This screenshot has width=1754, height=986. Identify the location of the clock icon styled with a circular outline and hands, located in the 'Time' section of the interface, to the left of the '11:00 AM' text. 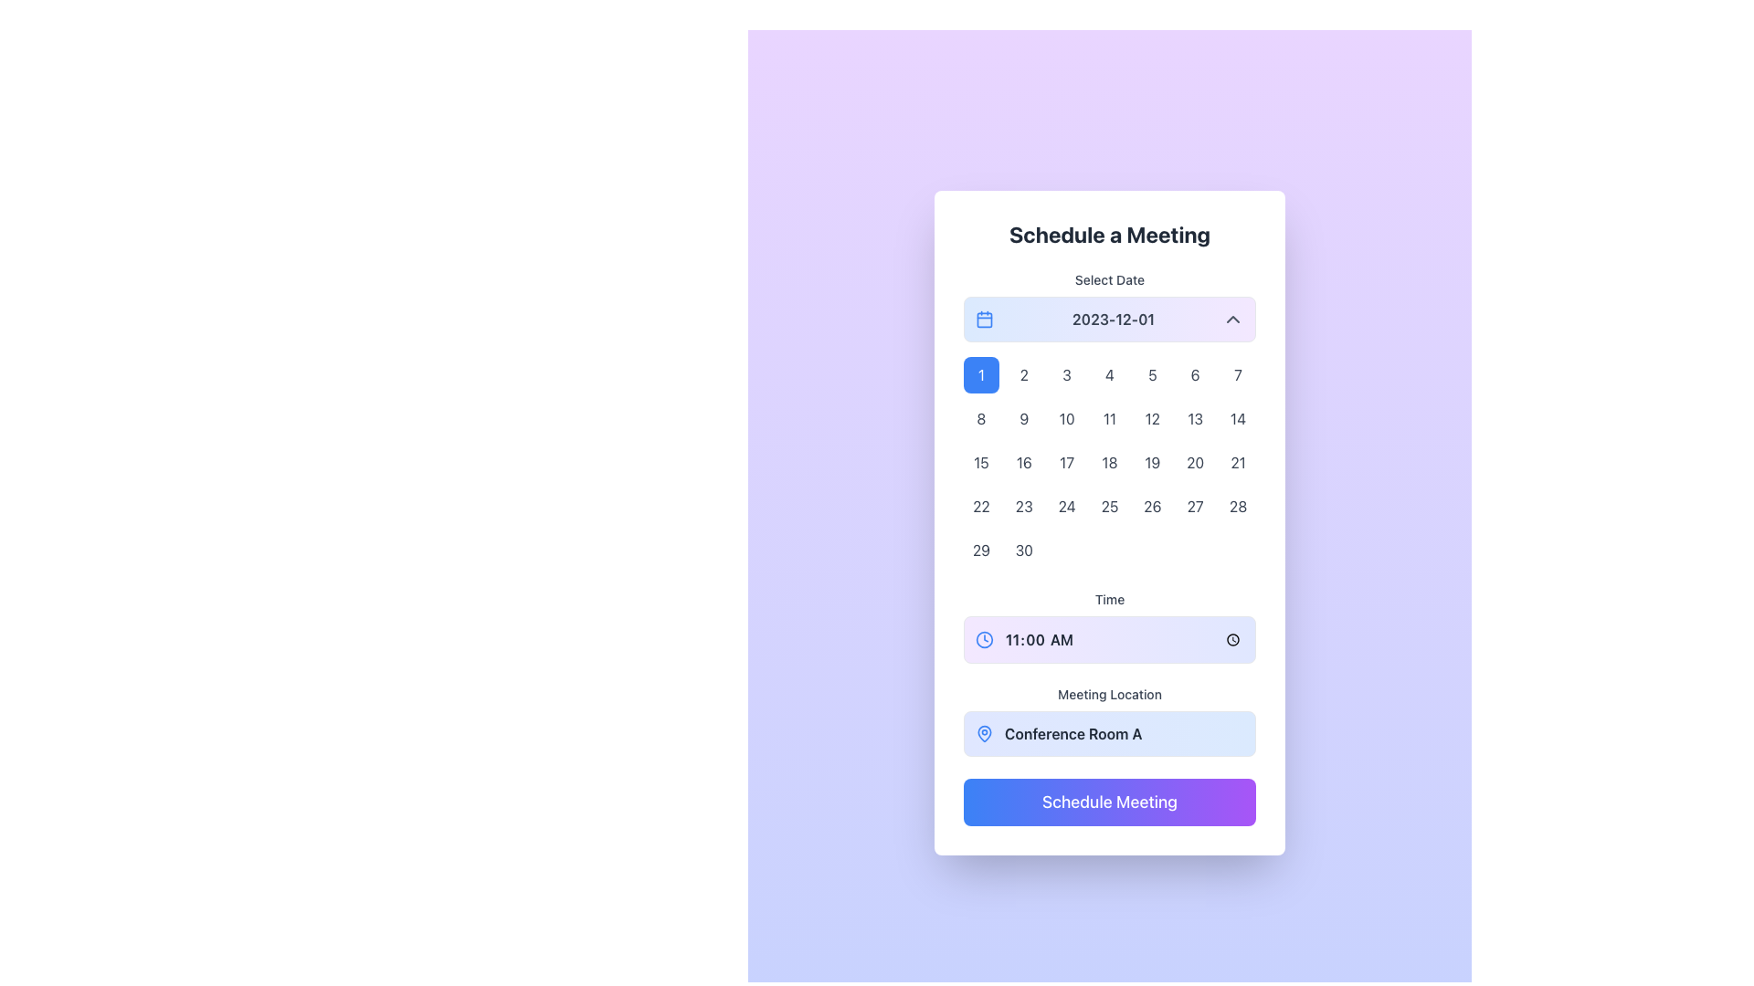
(984, 639).